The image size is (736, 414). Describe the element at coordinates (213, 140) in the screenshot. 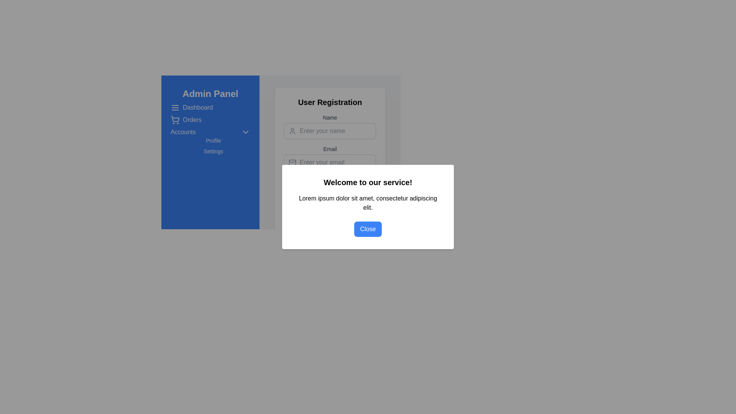

I see `the 'Profile' text label in the left-hand side menu` at that location.